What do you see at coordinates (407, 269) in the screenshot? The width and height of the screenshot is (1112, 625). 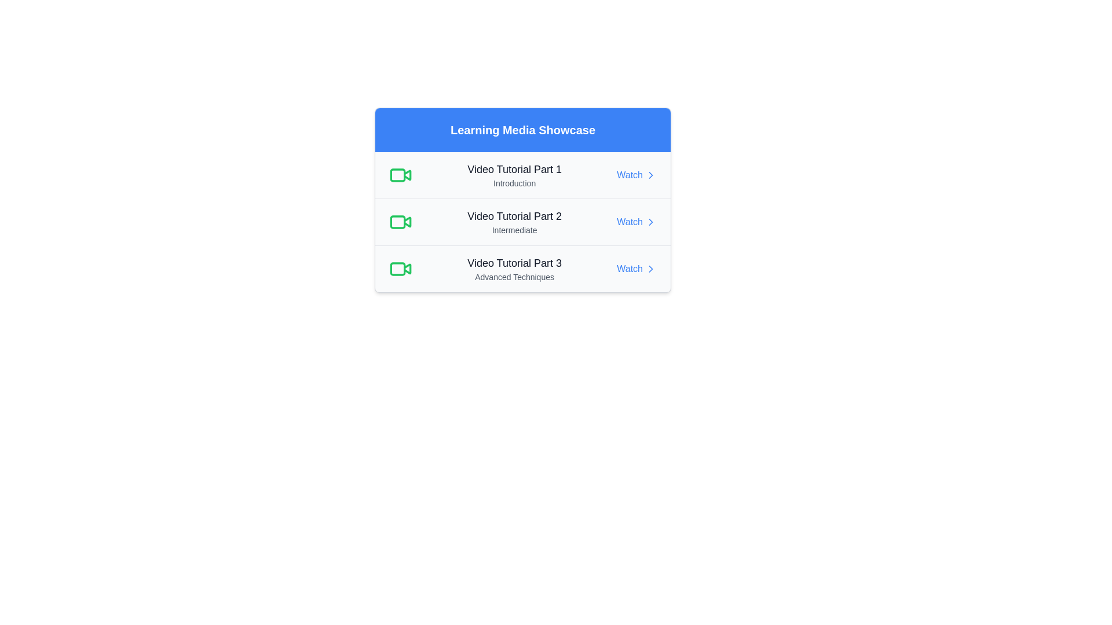 I see `the play button symbol located within the video thumbnail icon for the third lesson in the 'Learning Media Showcase' section` at bounding box center [407, 269].